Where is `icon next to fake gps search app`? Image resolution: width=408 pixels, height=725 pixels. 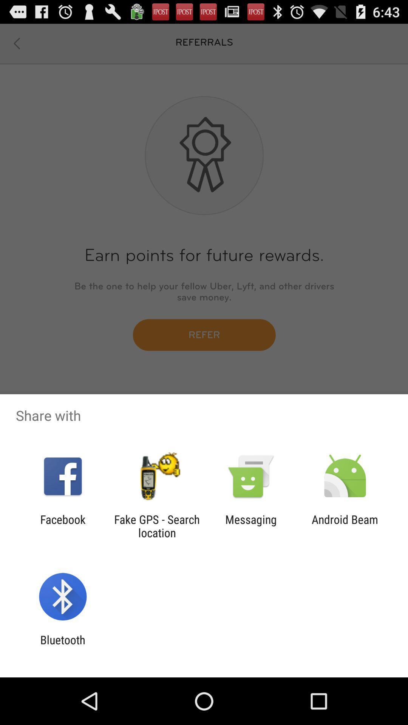
icon next to fake gps search app is located at coordinates (251, 526).